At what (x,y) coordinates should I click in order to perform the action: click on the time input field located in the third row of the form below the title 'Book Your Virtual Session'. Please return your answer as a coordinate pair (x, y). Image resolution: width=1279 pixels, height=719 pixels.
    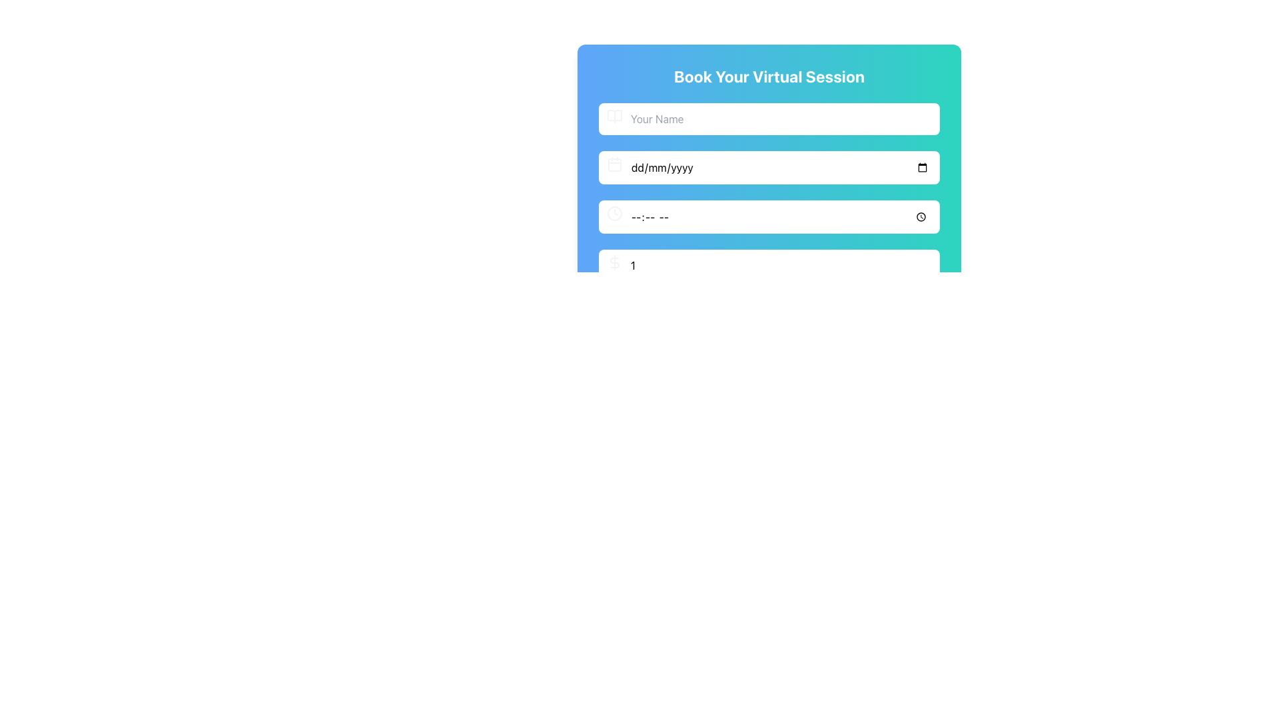
    Looking at the image, I should click on (769, 215).